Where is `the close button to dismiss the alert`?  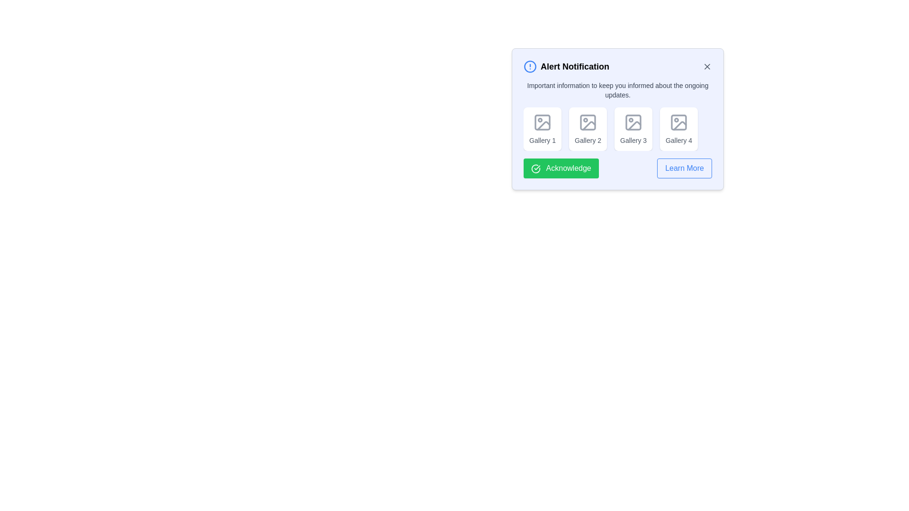
the close button to dismiss the alert is located at coordinates (707, 66).